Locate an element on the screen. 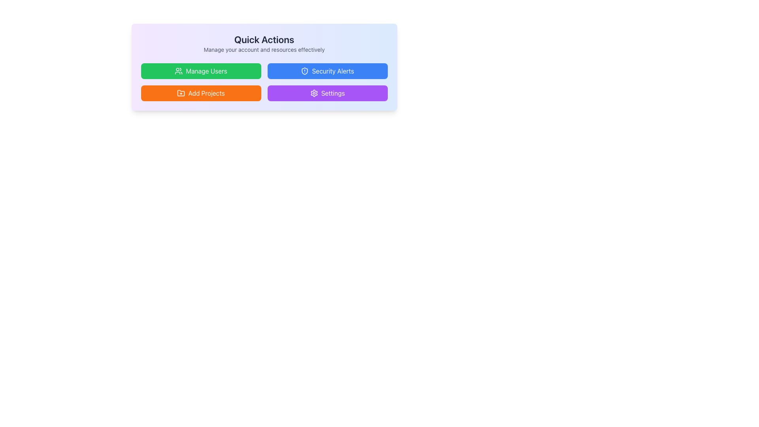  the orange rectangular 'Add Projects' button with a folder icon and plus sign, located in the lower-left quadrant of the 'Quick Actions' grid, specifically the second button in the left column is located at coordinates (201, 93).